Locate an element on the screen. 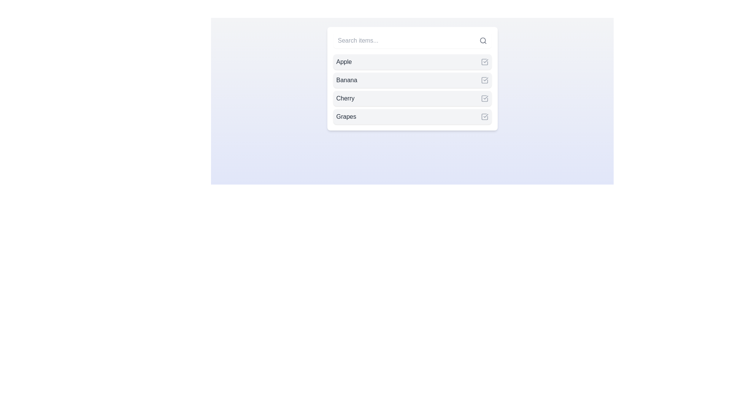 The height and width of the screenshot is (411, 730). the second item in a vertically stacked list within a white card, located below 'Apple' and above 'Cherry' is located at coordinates (412, 79).